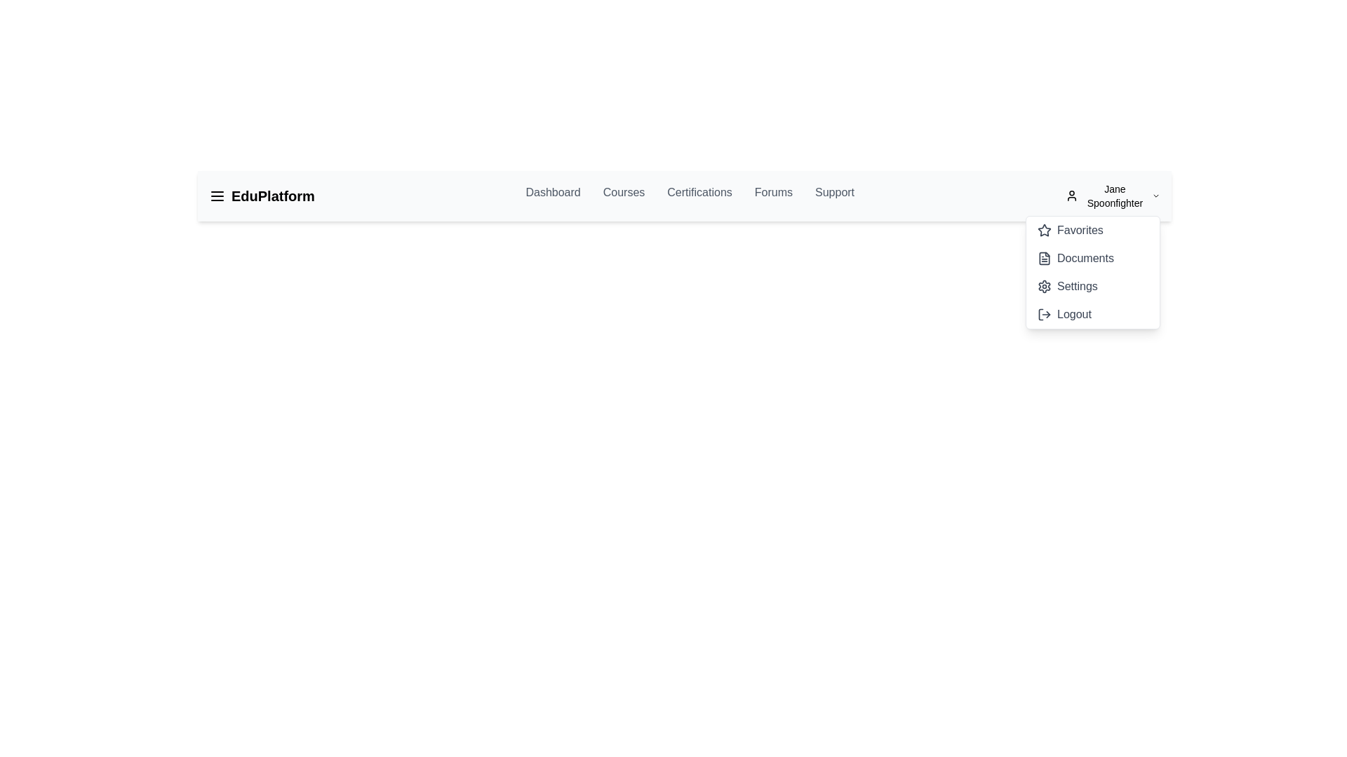  Describe the element at coordinates (1044, 229) in the screenshot. I see `the star icon in the dropdown menu` at that location.